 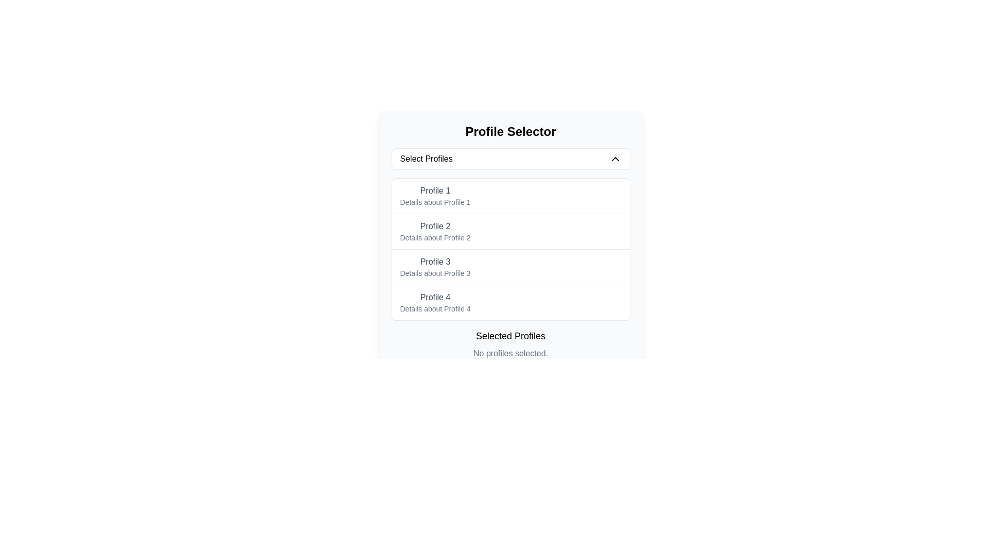 What do you see at coordinates (435, 190) in the screenshot?
I see `the text label displaying 'Profile 1', which is styled with a medium-weight font and gray color, located at the top of the profile list` at bounding box center [435, 190].